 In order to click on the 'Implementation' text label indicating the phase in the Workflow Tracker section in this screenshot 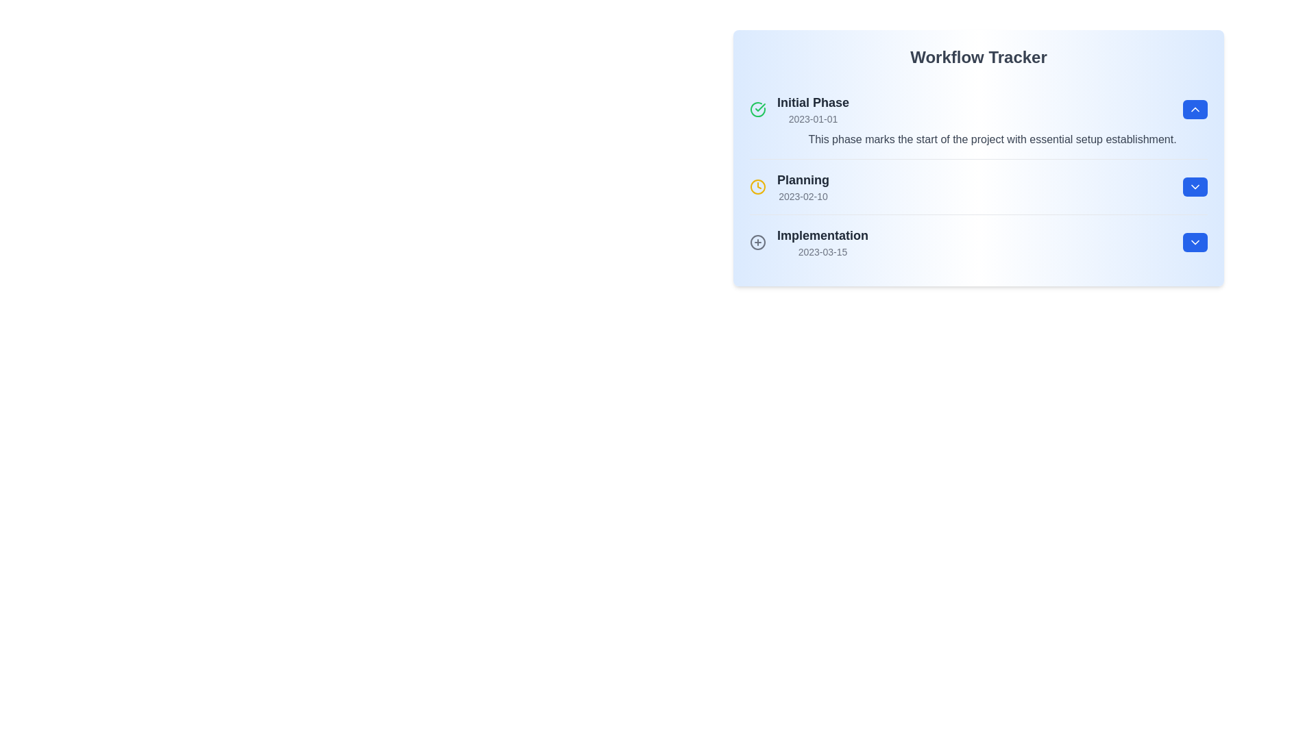, I will do `click(822, 242)`.